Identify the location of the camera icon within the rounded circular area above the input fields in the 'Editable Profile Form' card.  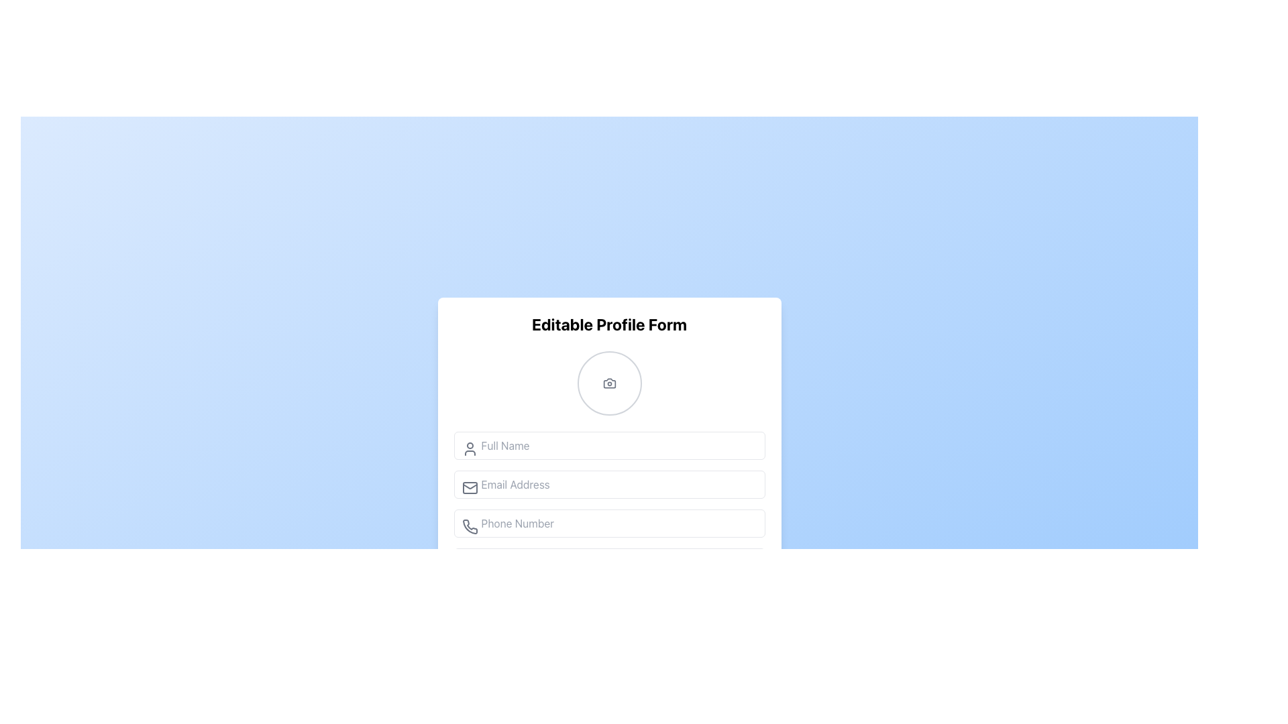
(608, 383).